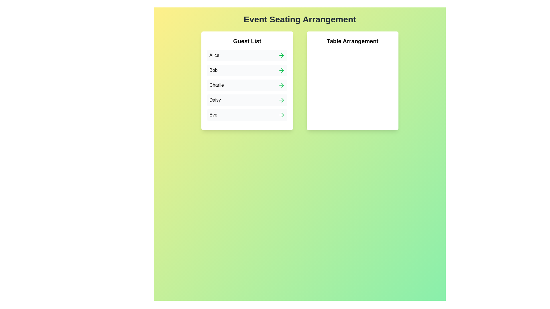 This screenshot has height=309, width=550. I want to click on the arrow next to Bob in the Guest List to add them to the Table Arrangement, so click(282, 70).